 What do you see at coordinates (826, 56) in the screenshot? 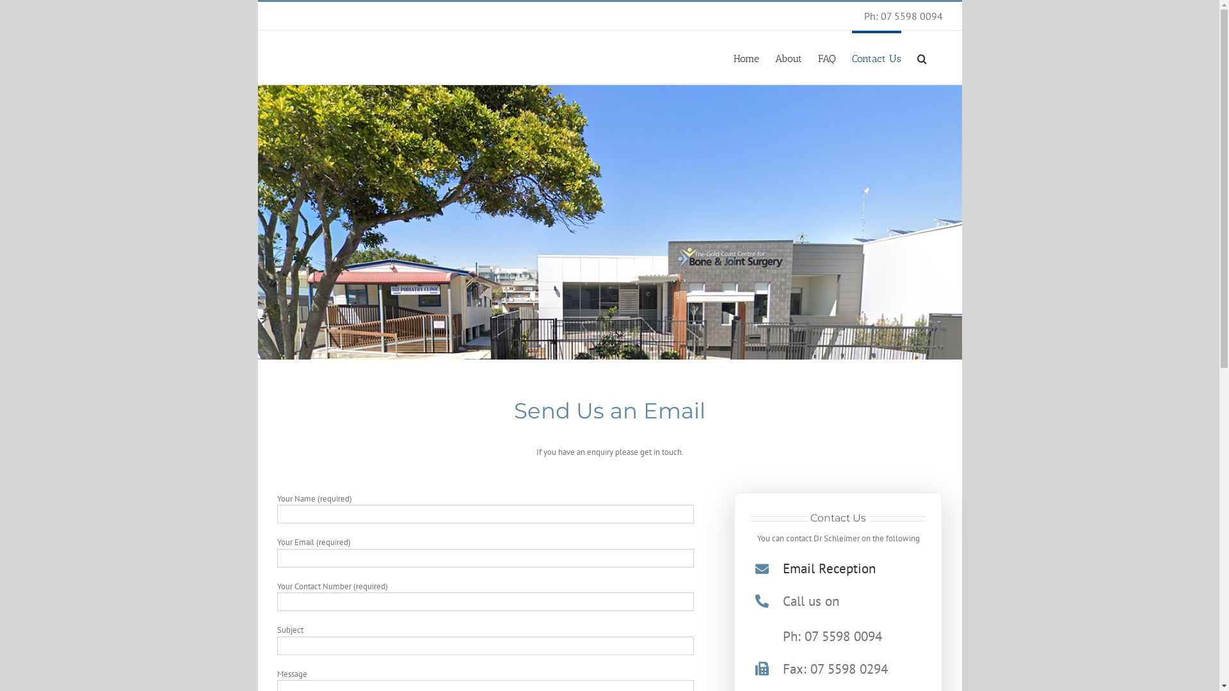
I see `'FAQ'` at bounding box center [826, 56].